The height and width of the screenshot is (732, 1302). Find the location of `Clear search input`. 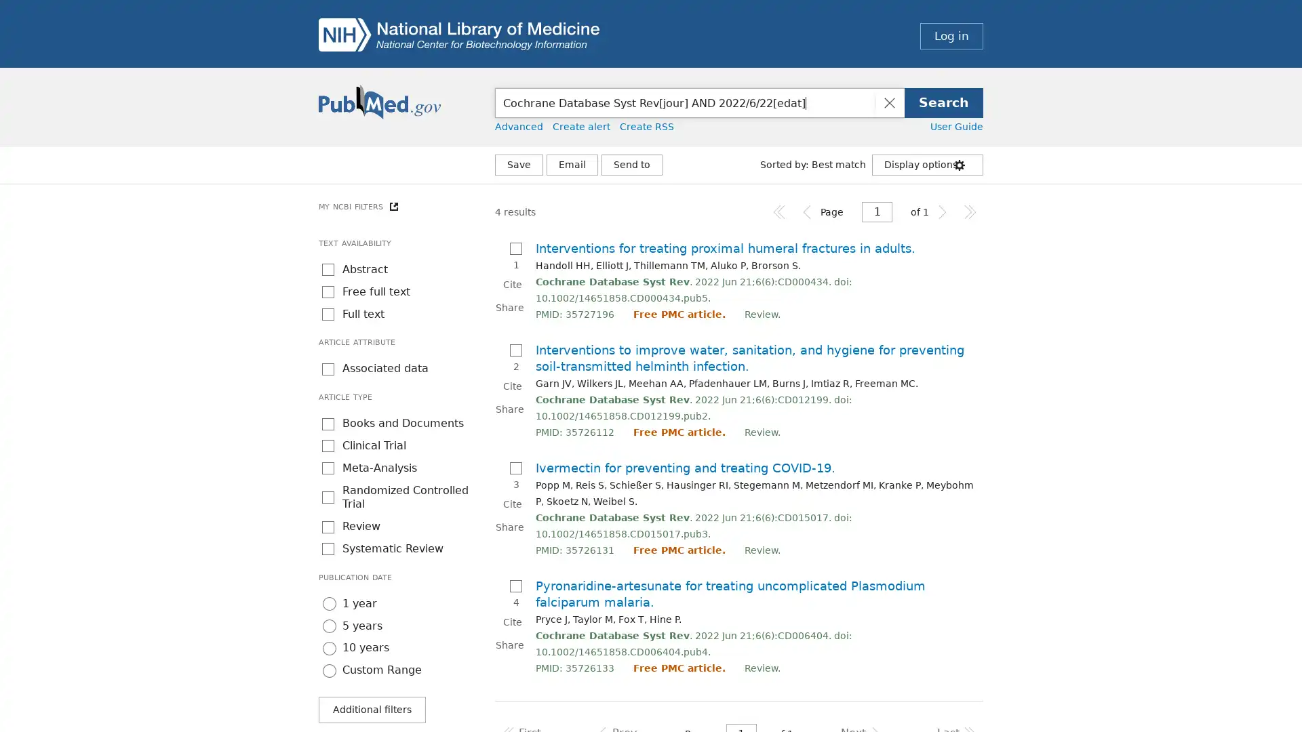

Clear search input is located at coordinates (888, 102).